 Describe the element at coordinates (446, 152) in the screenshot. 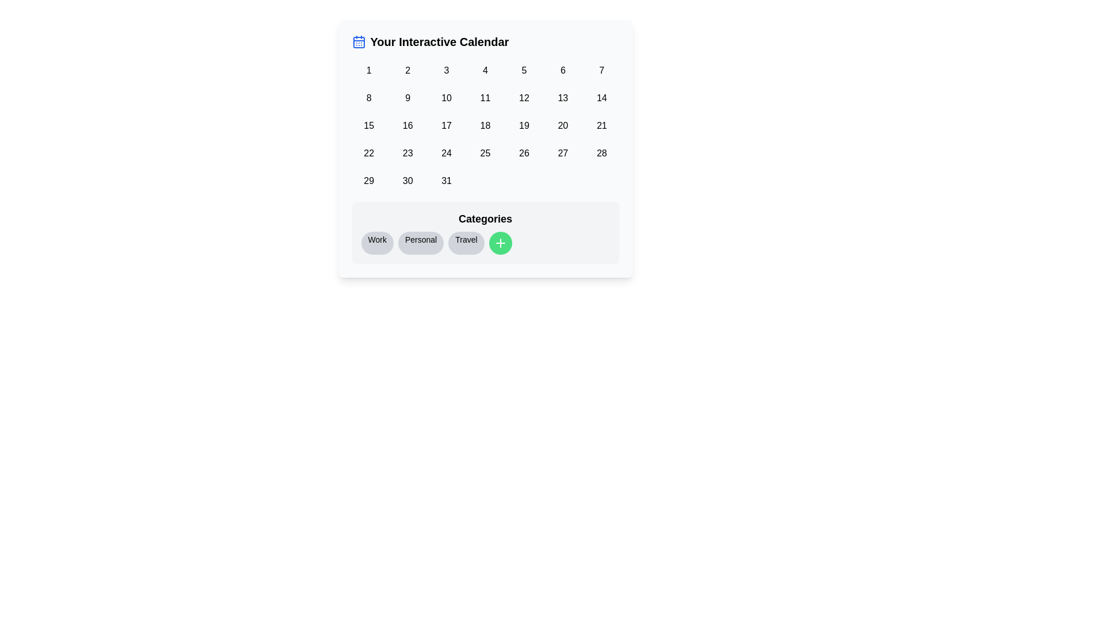

I see `the selectable date button '24' in the calendar interface to focus on it` at that location.